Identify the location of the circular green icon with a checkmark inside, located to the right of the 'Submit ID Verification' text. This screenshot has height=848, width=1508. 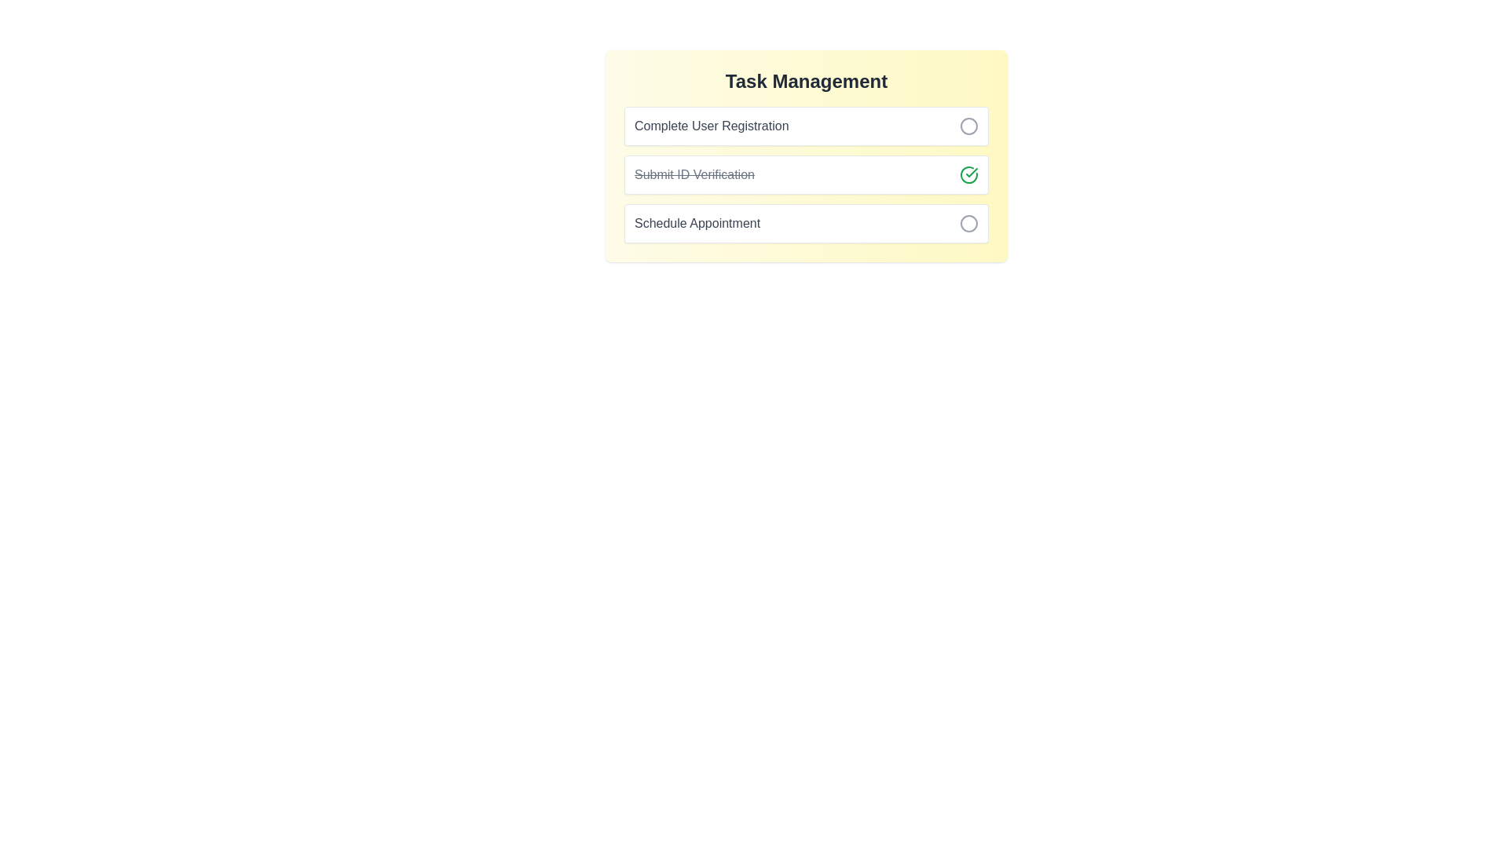
(968, 175).